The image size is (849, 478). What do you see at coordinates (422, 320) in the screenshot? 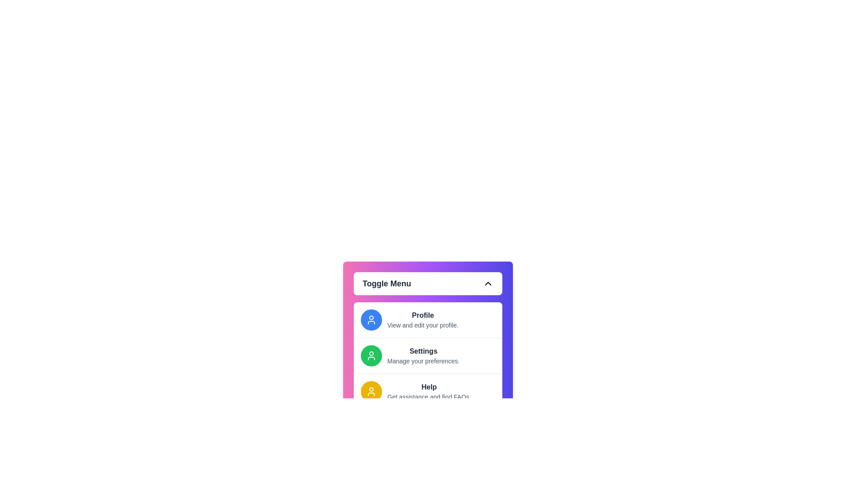
I see `the 'Profile' item in the menu` at bounding box center [422, 320].